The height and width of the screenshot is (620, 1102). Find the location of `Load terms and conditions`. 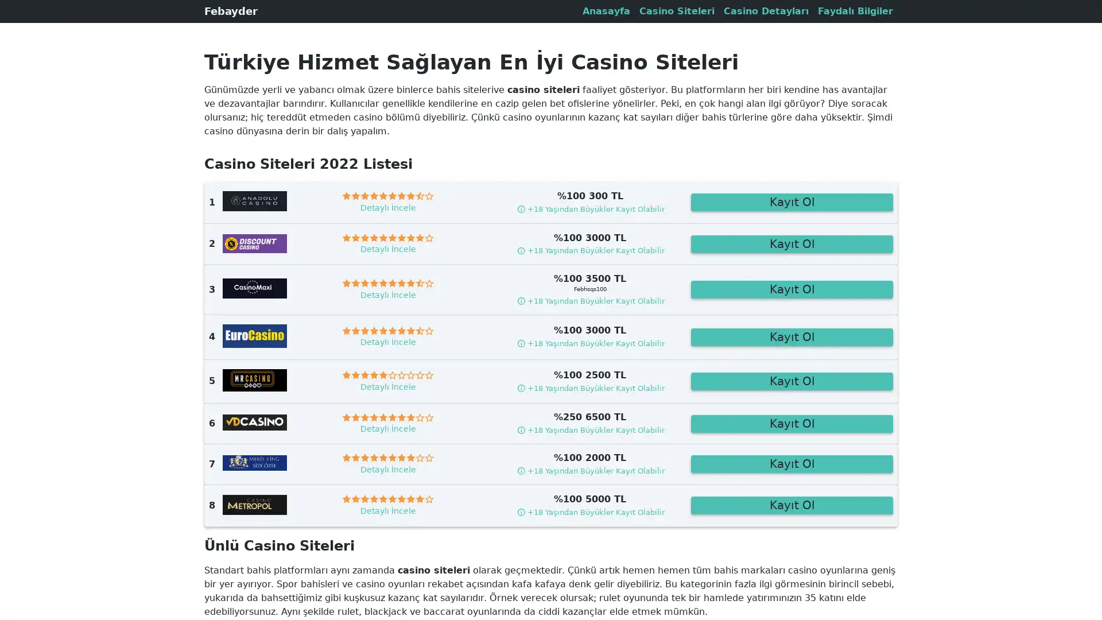

Load terms and conditions is located at coordinates (589, 470).